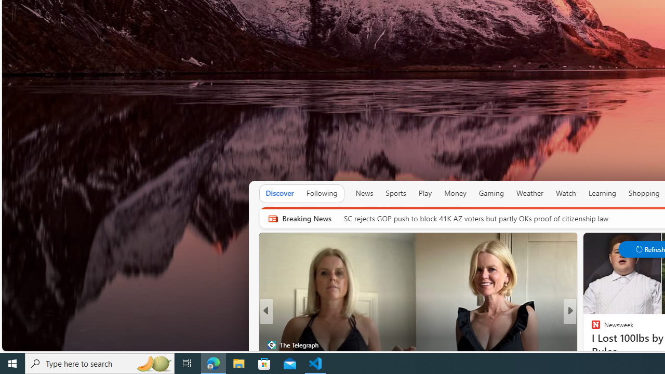 Image resolution: width=665 pixels, height=374 pixels. What do you see at coordinates (490, 193) in the screenshot?
I see `'Gaming'` at bounding box center [490, 193].